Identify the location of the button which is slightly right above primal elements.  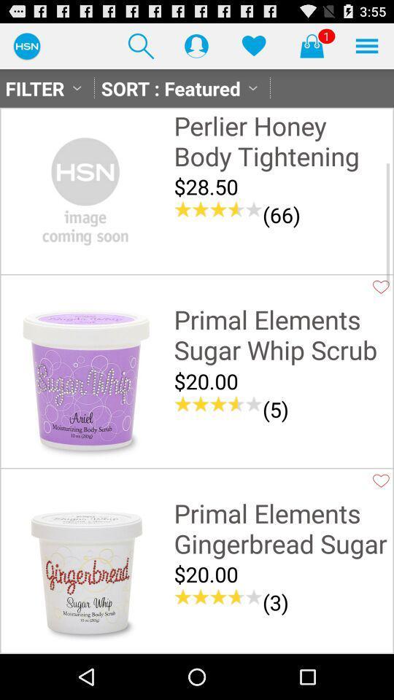
(381, 286).